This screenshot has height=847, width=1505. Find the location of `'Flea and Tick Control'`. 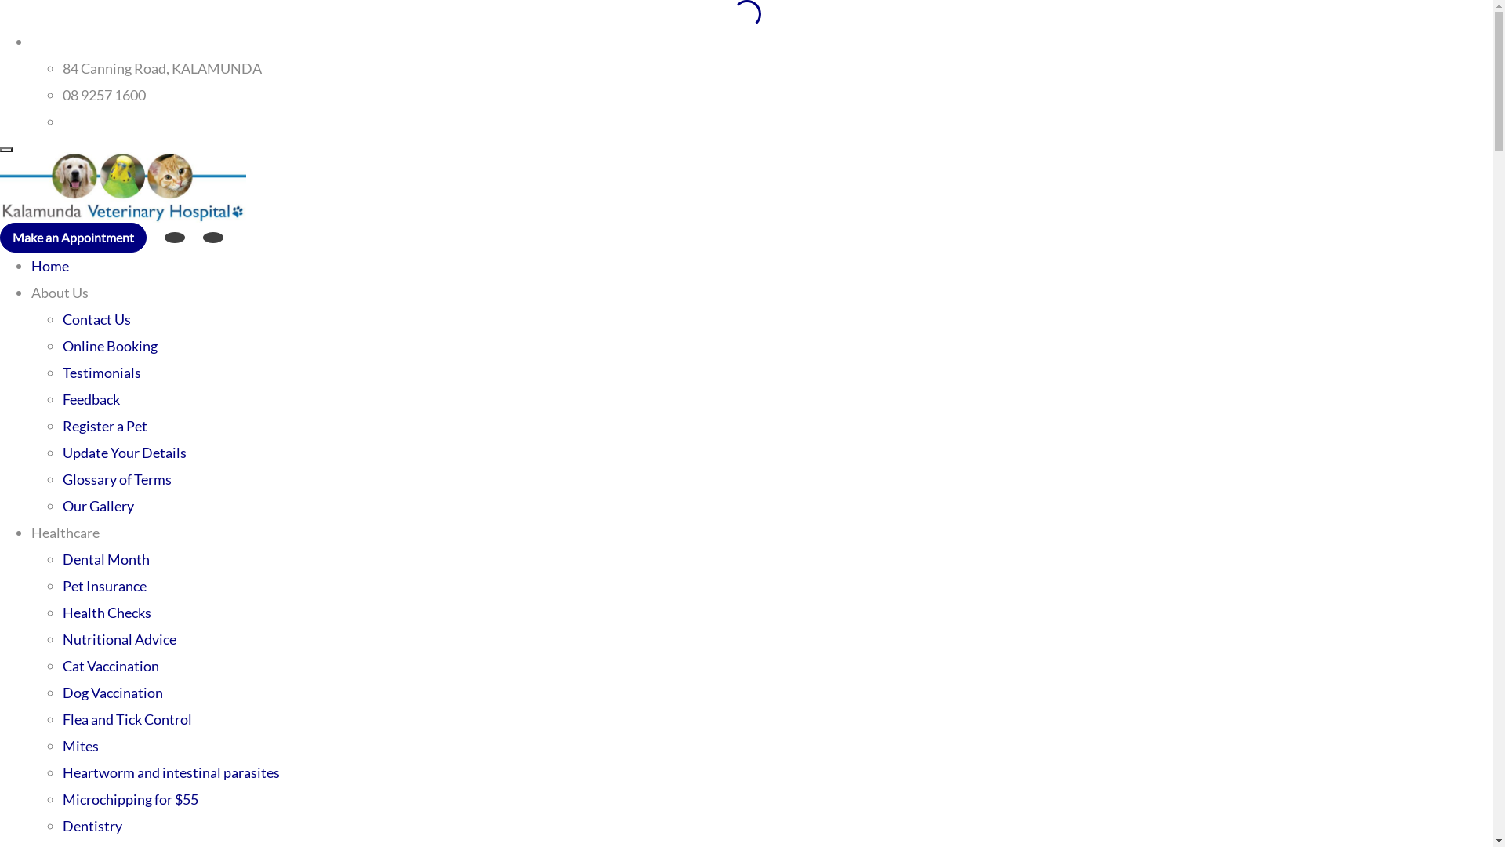

'Flea and Tick Control' is located at coordinates (127, 719).